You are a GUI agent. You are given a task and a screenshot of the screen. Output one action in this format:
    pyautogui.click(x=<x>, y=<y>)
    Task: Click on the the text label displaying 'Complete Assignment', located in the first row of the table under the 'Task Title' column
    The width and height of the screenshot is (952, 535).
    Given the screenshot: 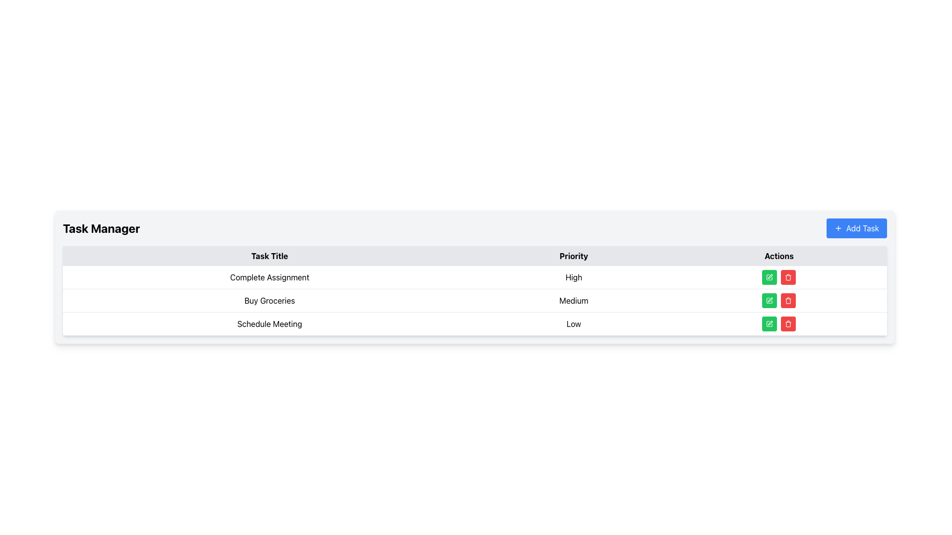 What is the action you would take?
    pyautogui.click(x=269, y=277)
    